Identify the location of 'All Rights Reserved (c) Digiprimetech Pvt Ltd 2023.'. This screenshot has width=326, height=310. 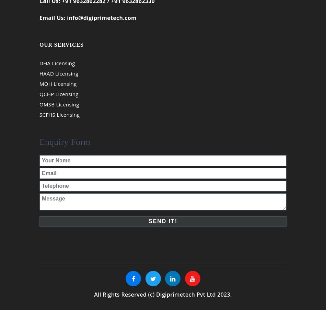
(162, 299).